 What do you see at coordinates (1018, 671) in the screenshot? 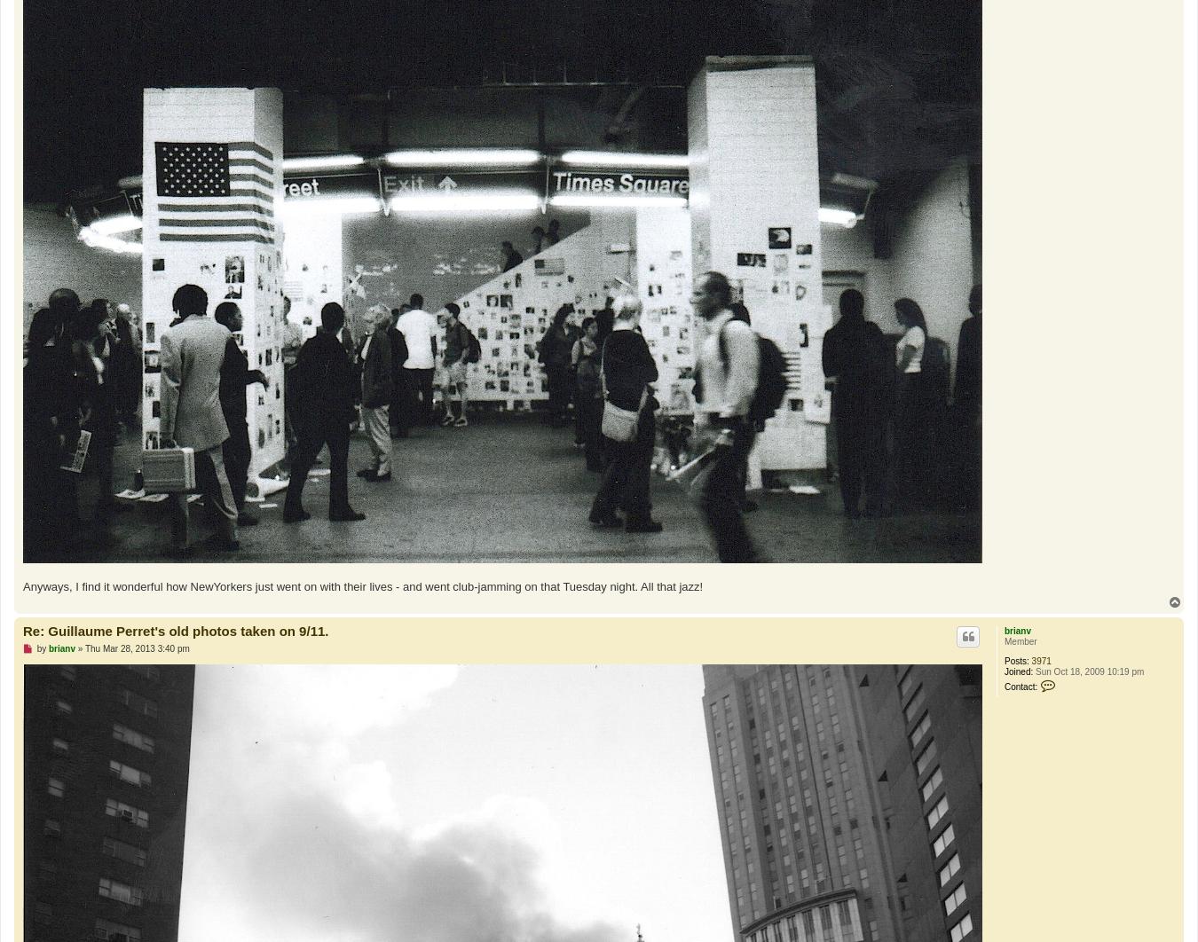
I see `'Joined:'` at bounding box center [1018, 671].